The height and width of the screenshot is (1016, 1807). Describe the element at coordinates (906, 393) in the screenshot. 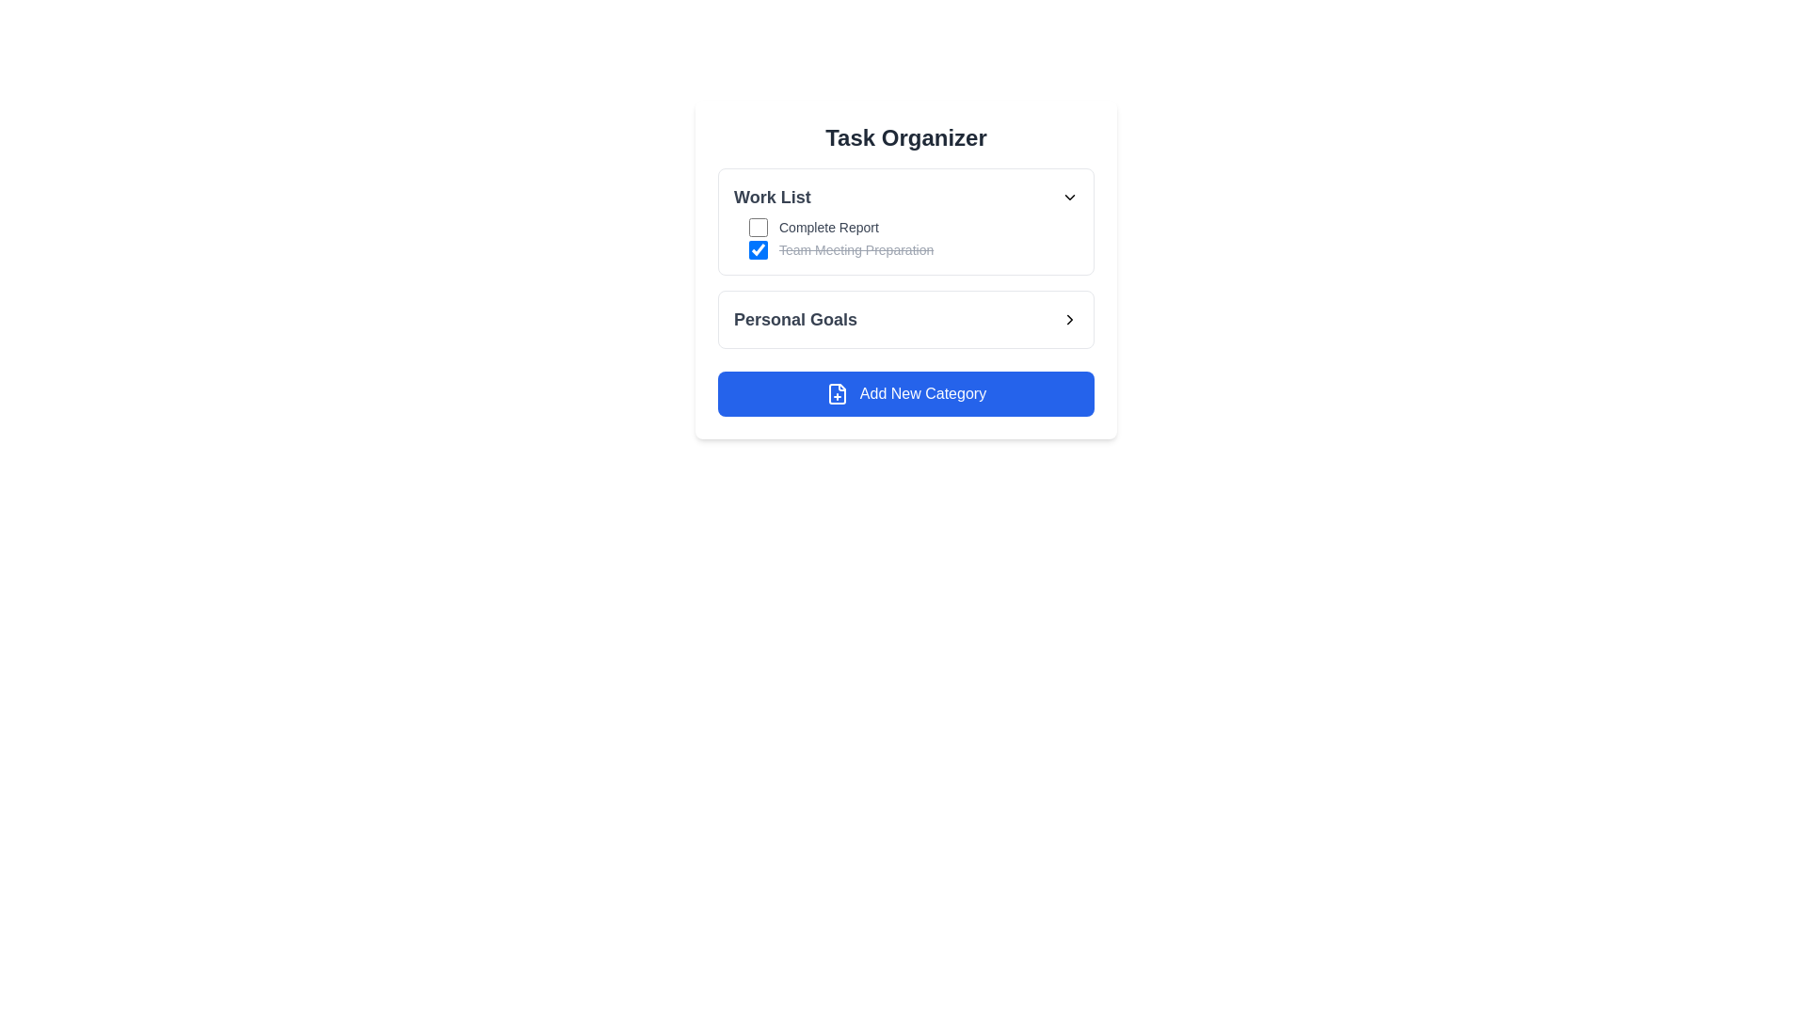

I see `the 'Add Category' button located at the bottom of the task organizer interface` at that location.